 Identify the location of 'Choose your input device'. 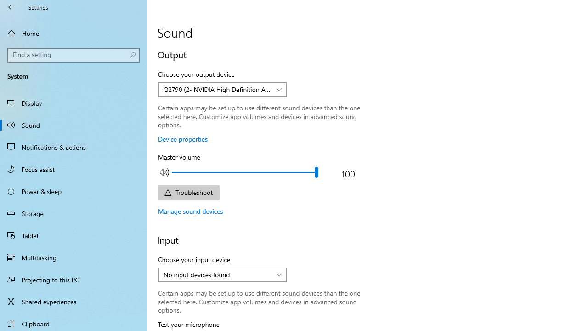
(222, 274).